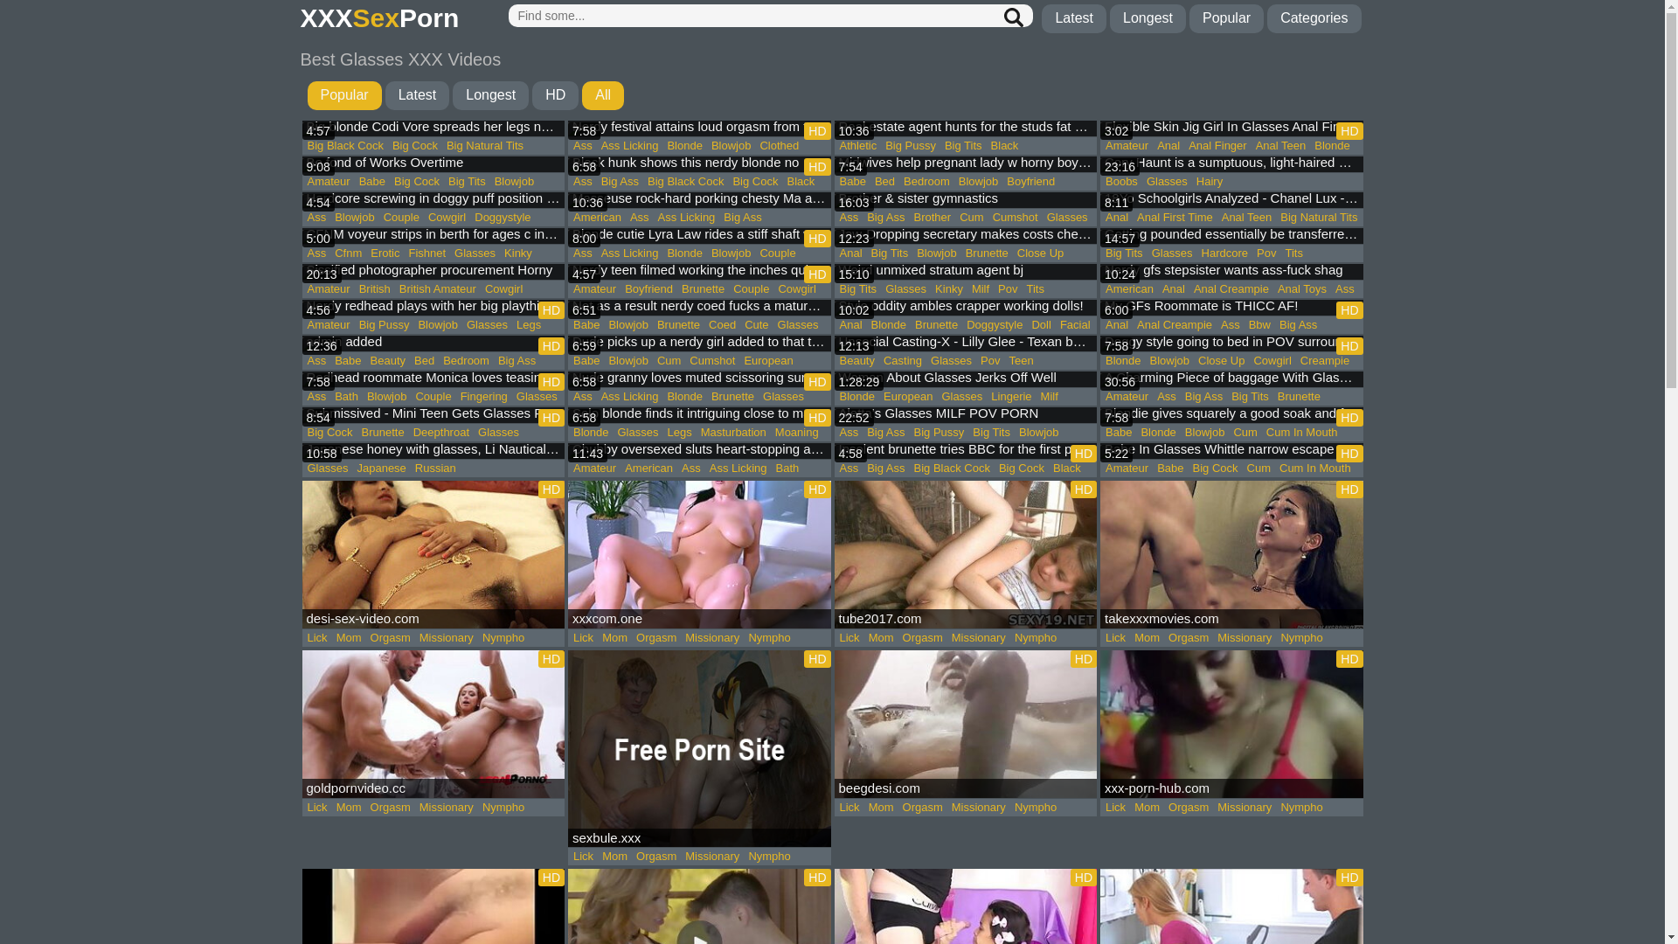  What do you see at coordinates (964, 273) in the screenshot?
I see `'Weird unmixed stratum agent bj` at bounding box center [964, 273].